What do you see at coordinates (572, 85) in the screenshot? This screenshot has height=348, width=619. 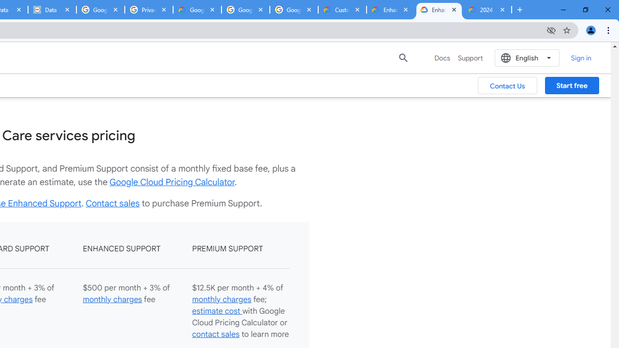 I see `'Start free'` at bounding box center [572, 85].